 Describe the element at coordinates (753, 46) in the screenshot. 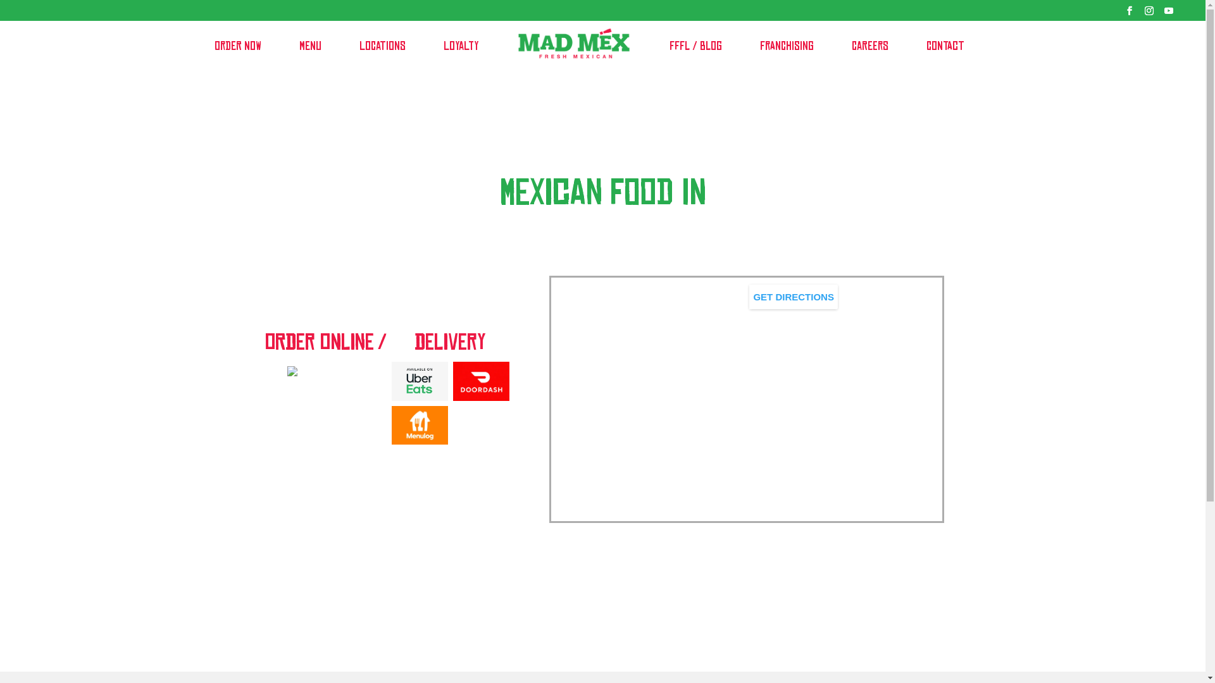

I see `'Franchising'` at that location.